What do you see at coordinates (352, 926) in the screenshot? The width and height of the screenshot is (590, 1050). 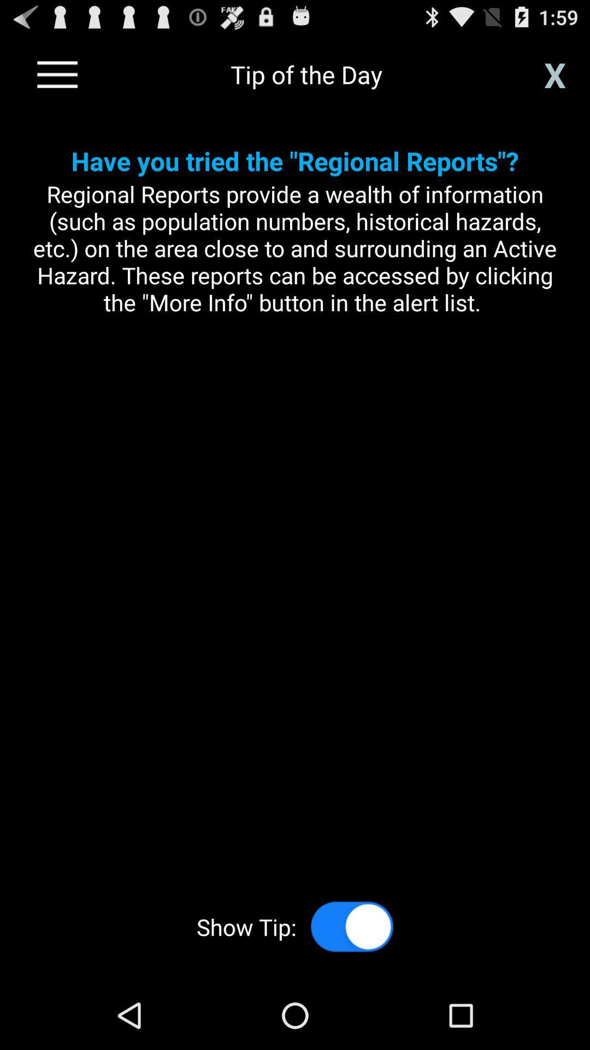 I see `tips option` at bounding box center [352, 926].